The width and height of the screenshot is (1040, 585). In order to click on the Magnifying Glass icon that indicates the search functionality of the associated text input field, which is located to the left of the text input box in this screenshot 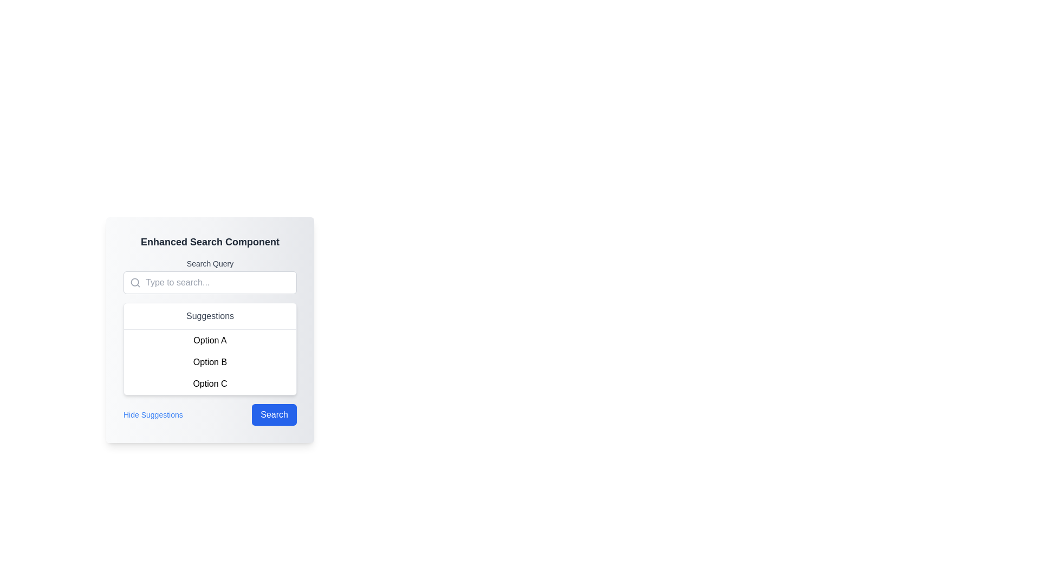, I will do `click(132, 282)`.